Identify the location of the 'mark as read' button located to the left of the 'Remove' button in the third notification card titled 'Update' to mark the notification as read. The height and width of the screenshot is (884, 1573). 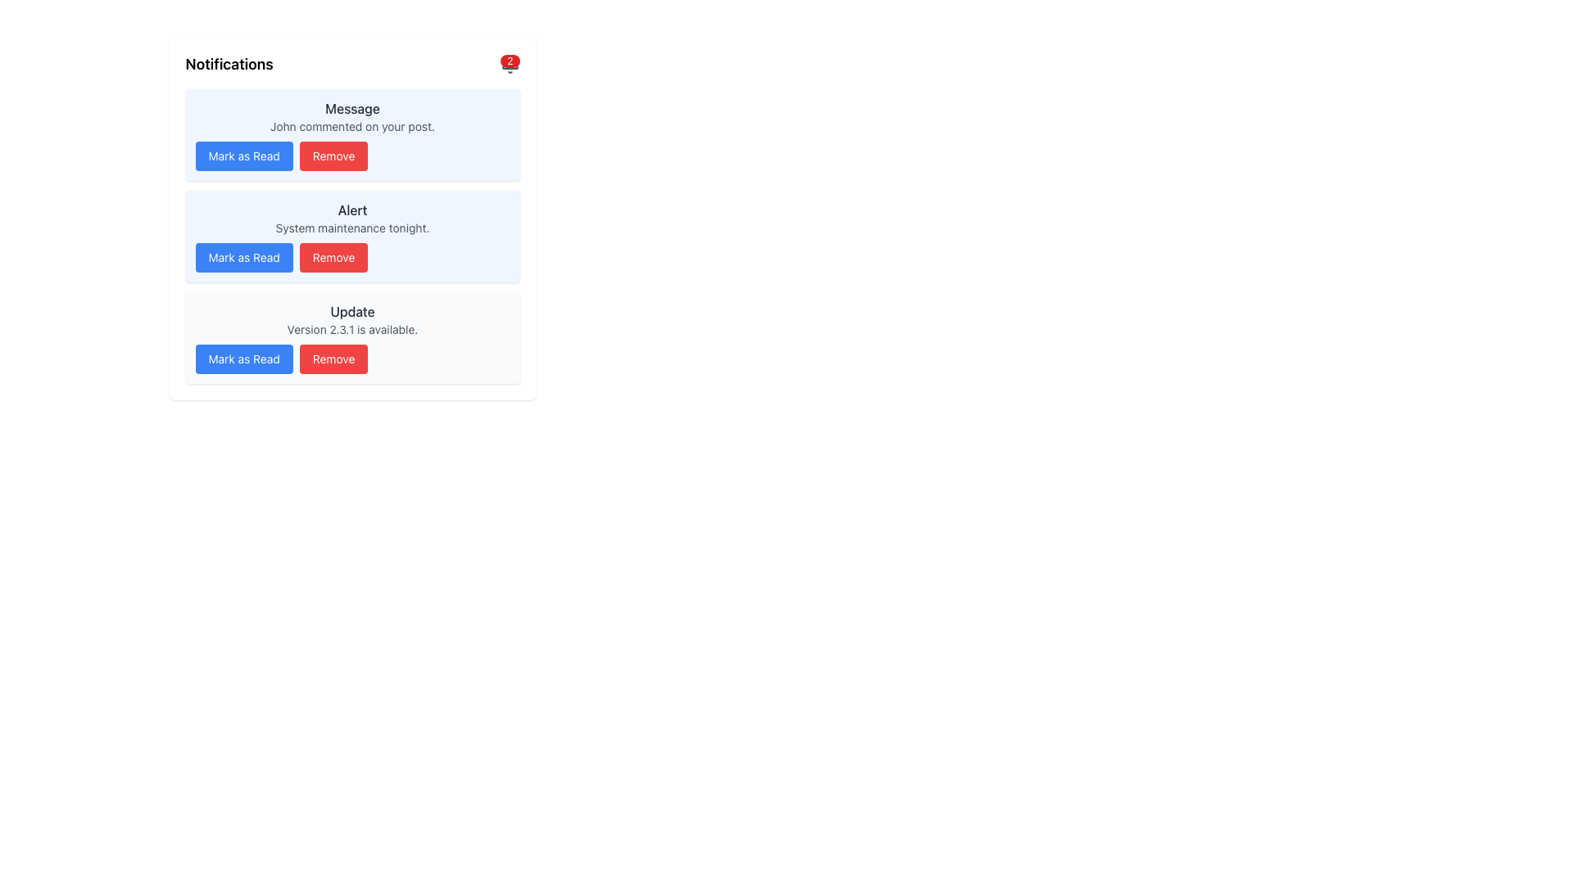
(243, 359).